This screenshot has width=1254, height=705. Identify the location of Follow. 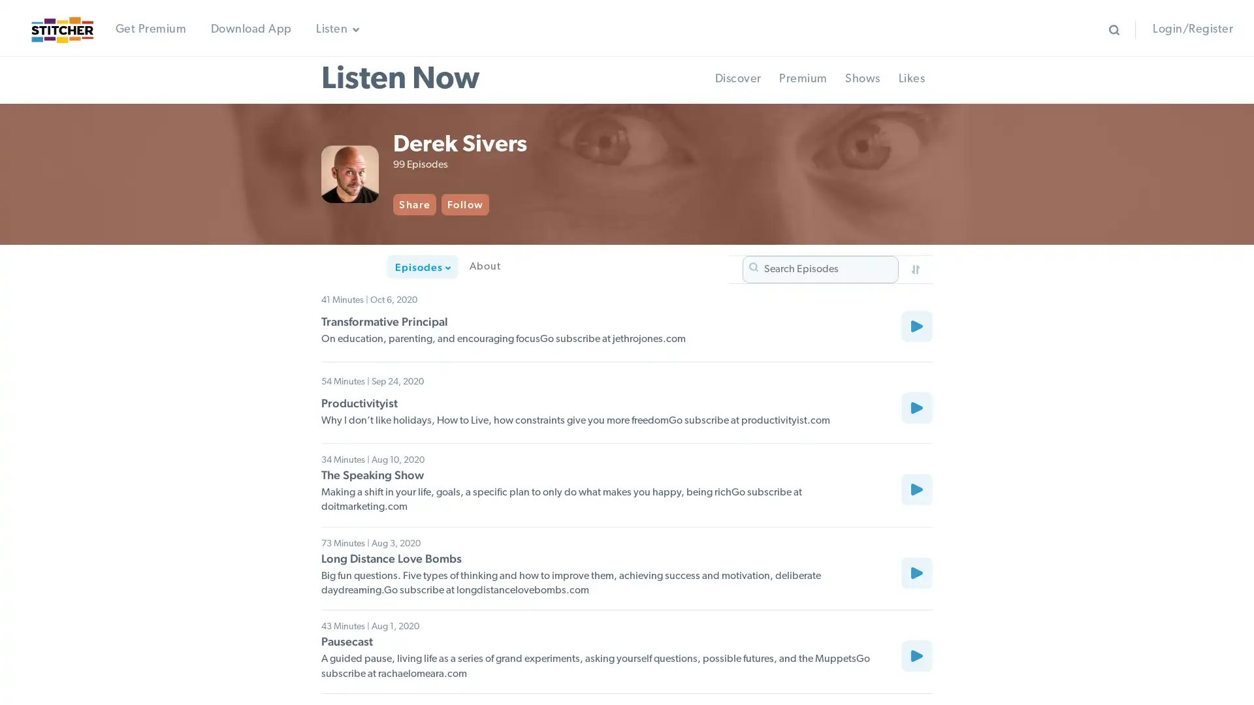
(521, 206).